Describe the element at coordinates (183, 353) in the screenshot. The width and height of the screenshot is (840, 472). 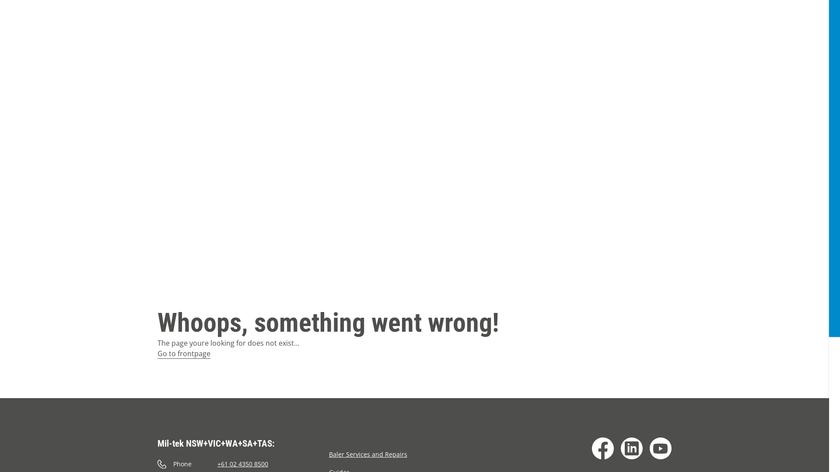
I see `'Go to frontpage'` at that location.